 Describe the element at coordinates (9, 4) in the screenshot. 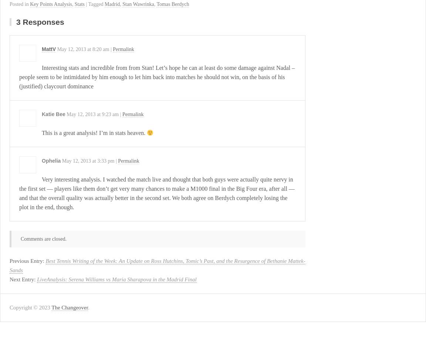

I see `'Posted in'` at that location.